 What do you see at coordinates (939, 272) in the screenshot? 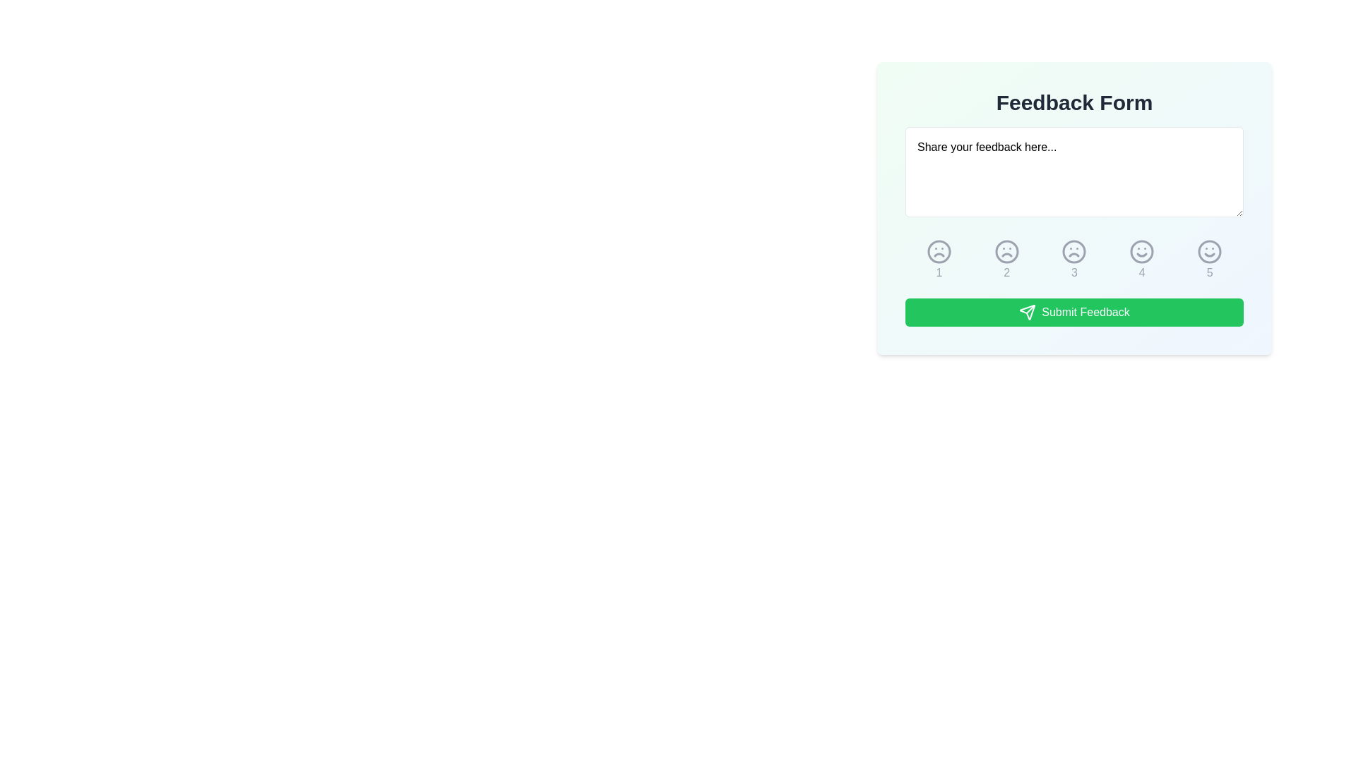
I see `the static text label indicating the lowest rating for the frowning feedback button, located beneath the leftmost frowning icon` at bounding box center [939, 272].